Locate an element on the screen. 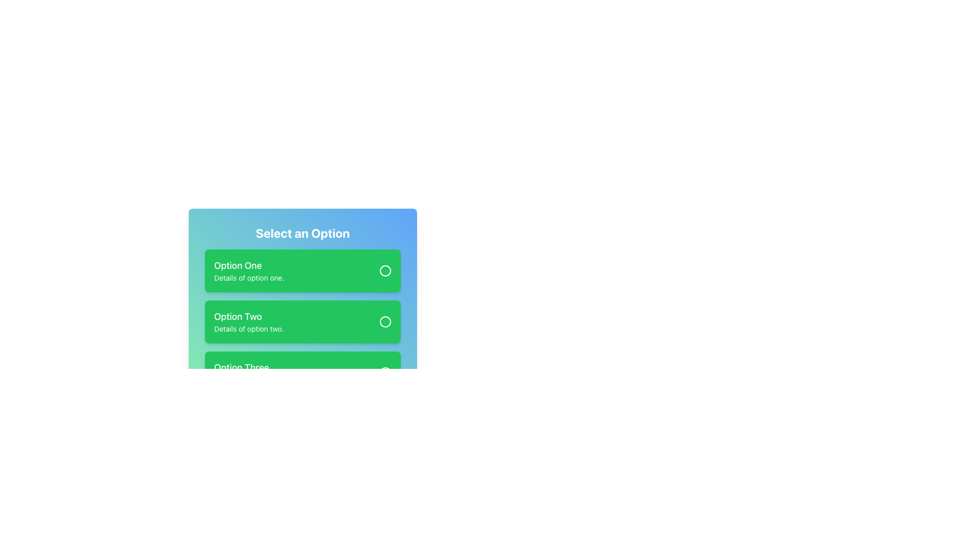 This screenshot has width=979, height=551. the text label element containing the message 'Details of option two.' located beneath the heading 'Option Two' in the second green option card is located at coordinates (249, 329).